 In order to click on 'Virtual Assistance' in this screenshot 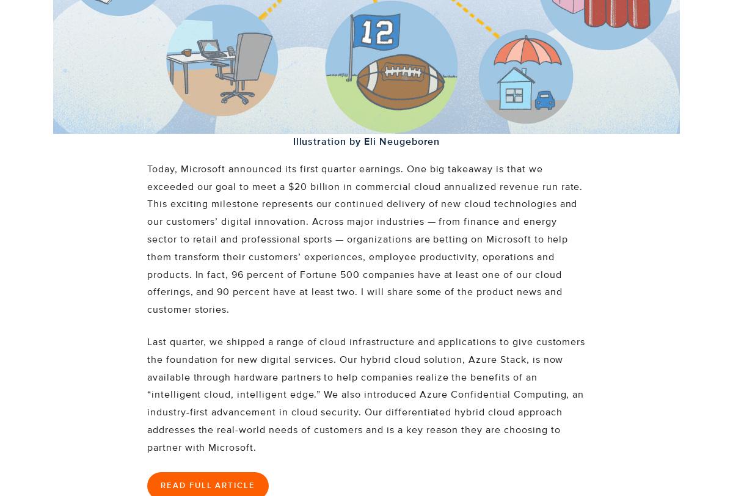, I will do `click(267, 38)`.